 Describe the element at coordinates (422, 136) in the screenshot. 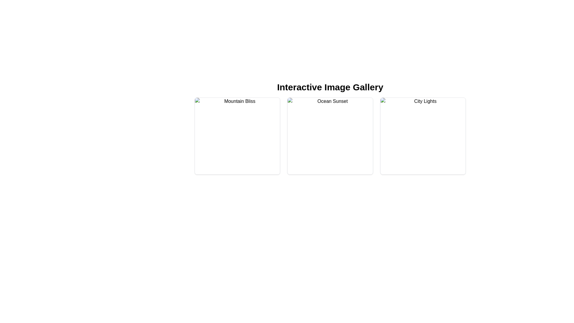

I see `the image labeled 'City Lights' in the rightmost card of the interactive image gallery` at that location.